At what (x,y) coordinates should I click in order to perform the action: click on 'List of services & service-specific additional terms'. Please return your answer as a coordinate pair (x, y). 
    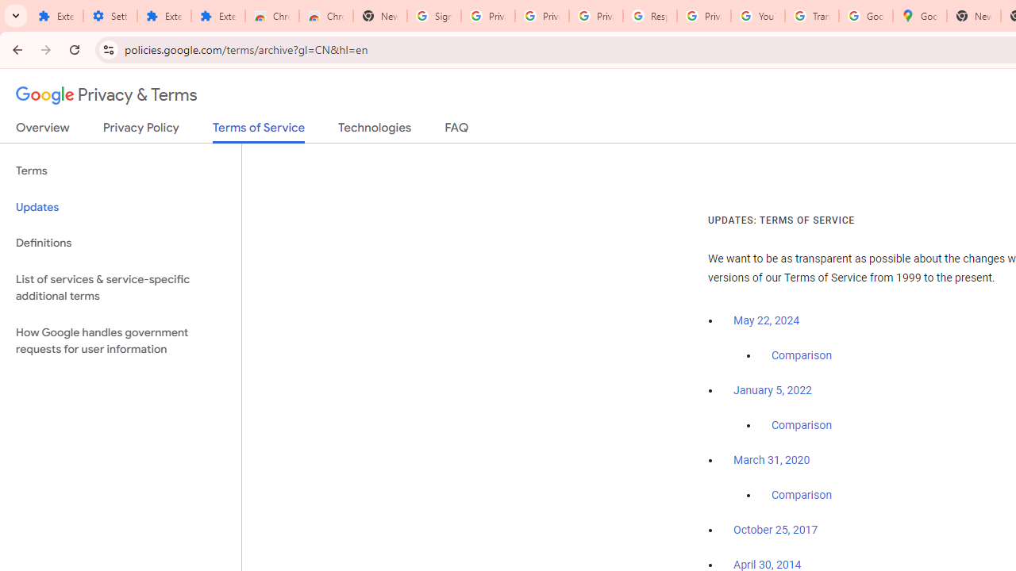
    Looking at the image, I should click on (120, 287).